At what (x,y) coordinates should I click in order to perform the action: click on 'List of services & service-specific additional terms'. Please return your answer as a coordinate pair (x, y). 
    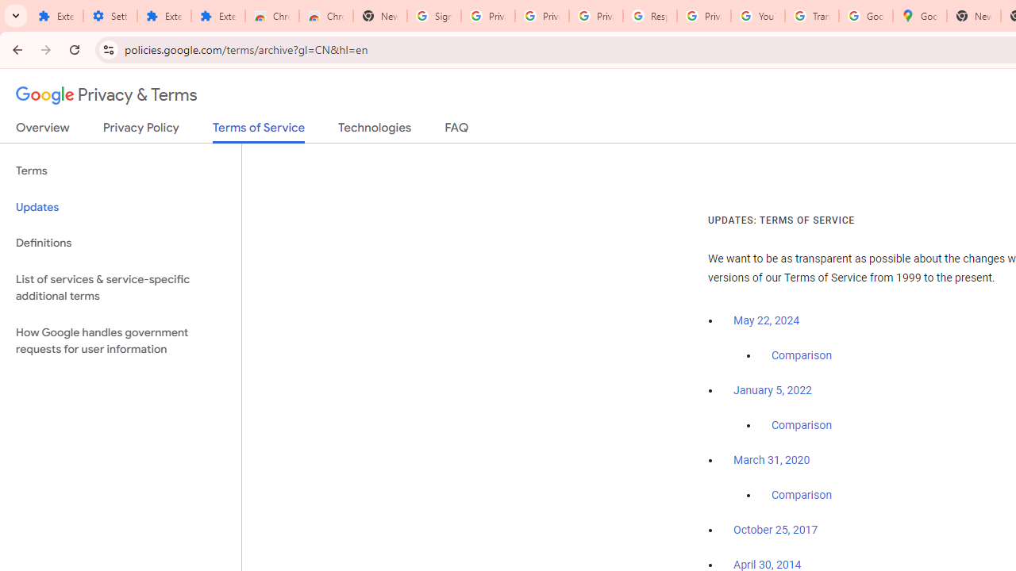
    Looking at the image, I should click on (120, 287).